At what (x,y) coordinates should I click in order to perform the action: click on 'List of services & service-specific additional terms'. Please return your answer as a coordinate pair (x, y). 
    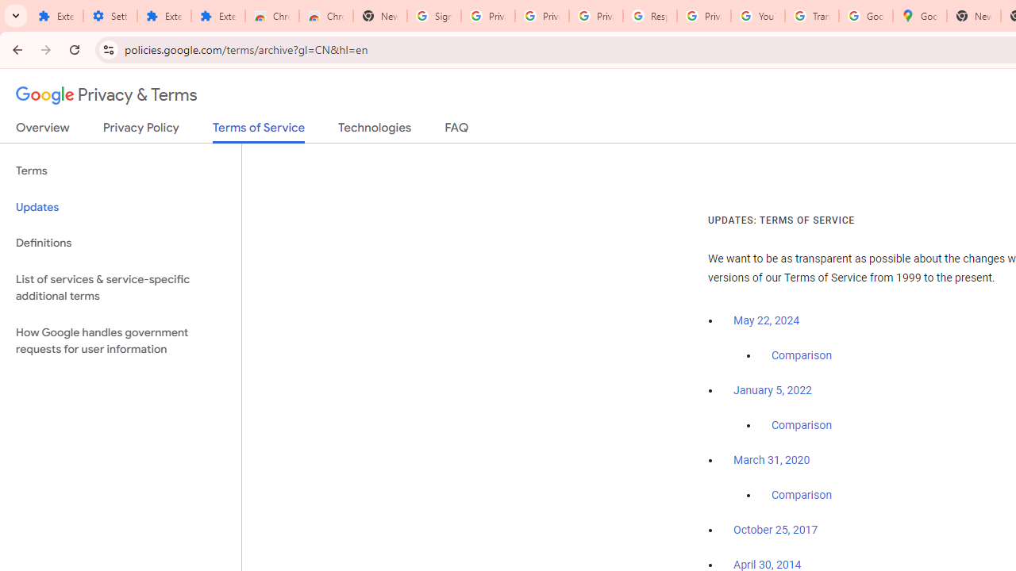
    Looking at the image, I should click on (120, 287).